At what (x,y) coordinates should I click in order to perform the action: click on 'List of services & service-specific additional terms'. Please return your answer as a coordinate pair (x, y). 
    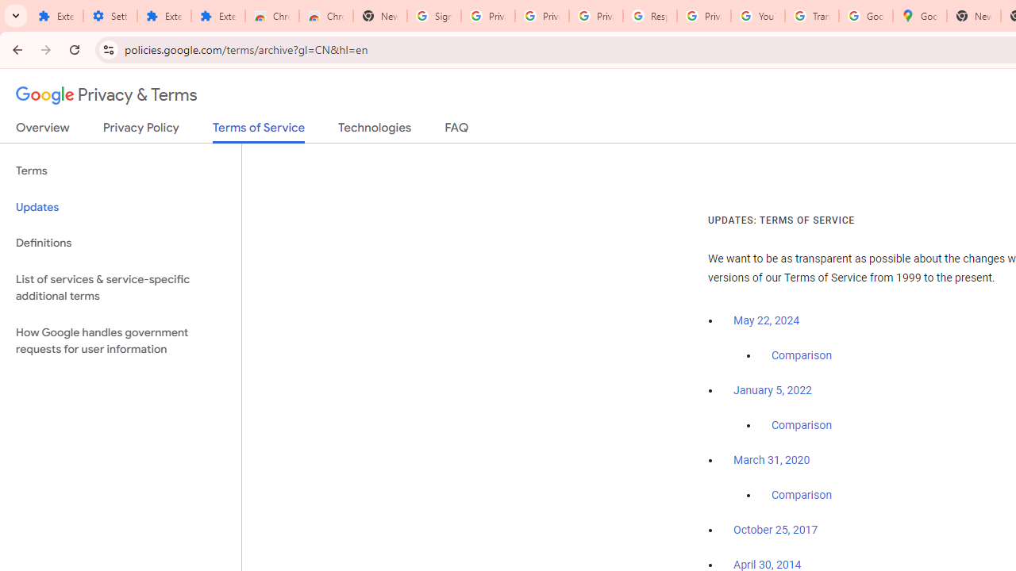
    Looking at the image, I should click on (120, 287).